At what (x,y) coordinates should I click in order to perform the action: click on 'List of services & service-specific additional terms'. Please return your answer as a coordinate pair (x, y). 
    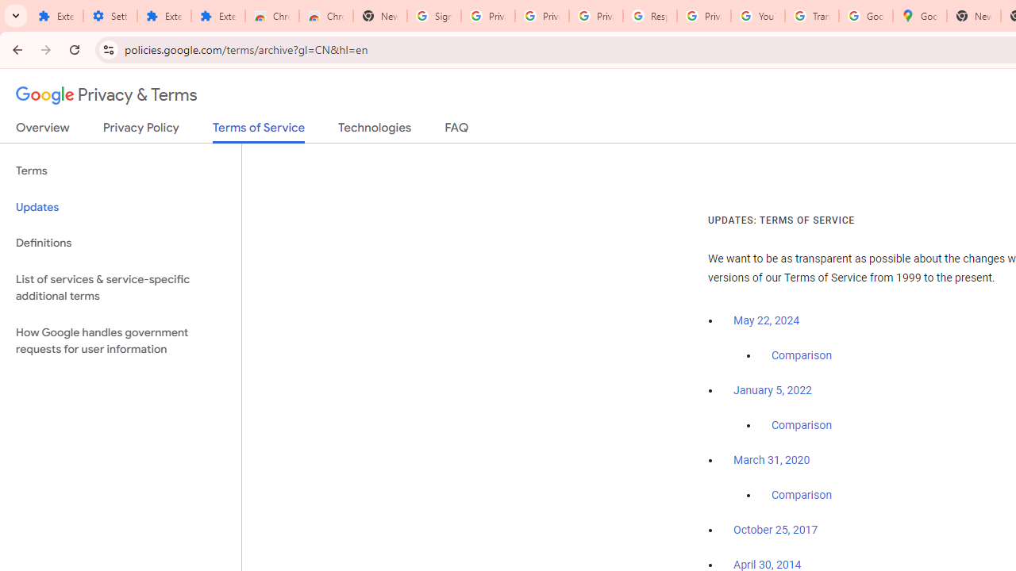
    Looking at the image, I should click on (120, 287).